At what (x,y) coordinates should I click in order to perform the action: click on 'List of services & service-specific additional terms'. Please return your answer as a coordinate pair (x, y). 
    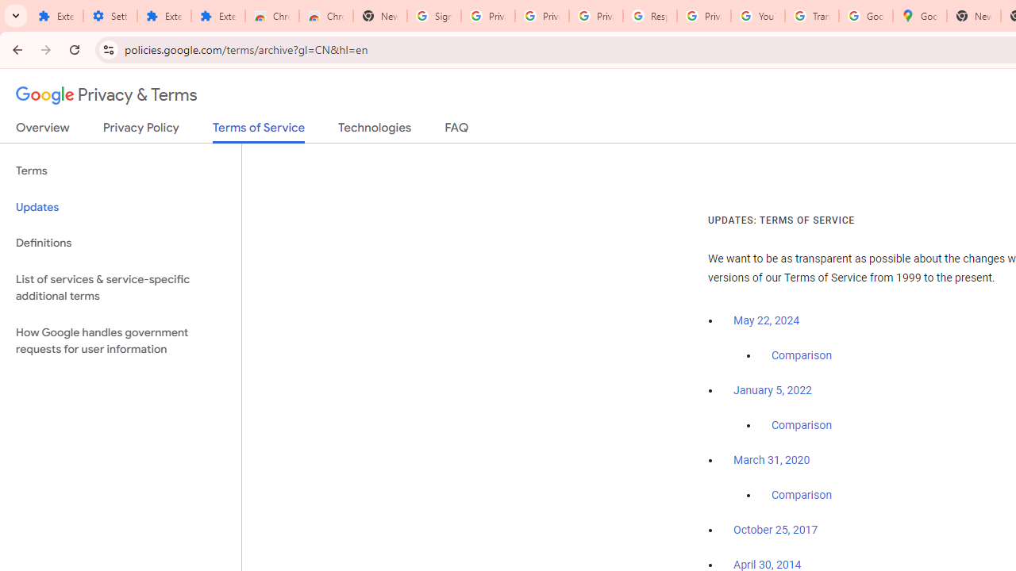
    Looking at the image, I should click on (120, 287).